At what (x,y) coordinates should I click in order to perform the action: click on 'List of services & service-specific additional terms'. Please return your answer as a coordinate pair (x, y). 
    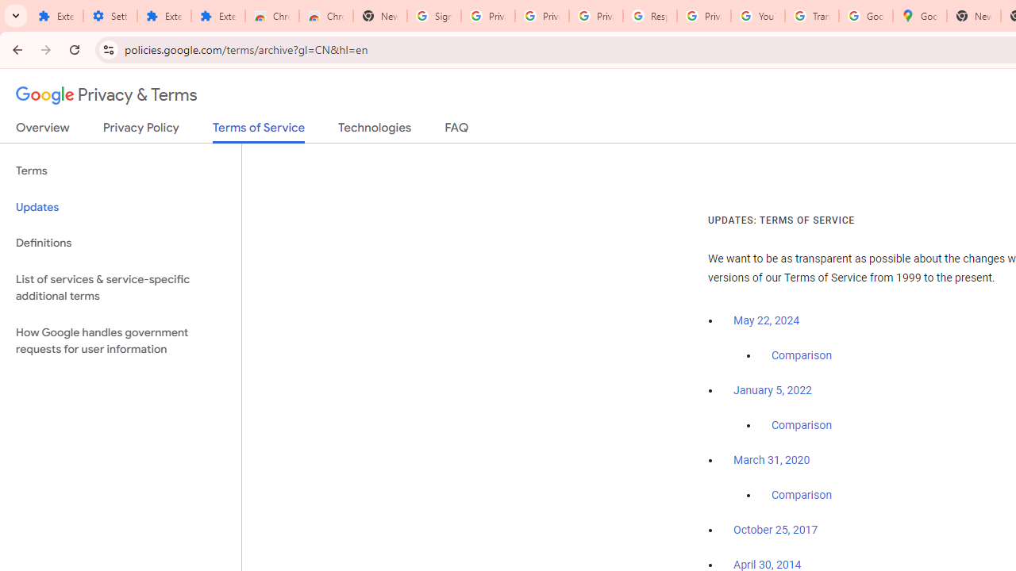
    Looking at the image, I should click on (120, 287).